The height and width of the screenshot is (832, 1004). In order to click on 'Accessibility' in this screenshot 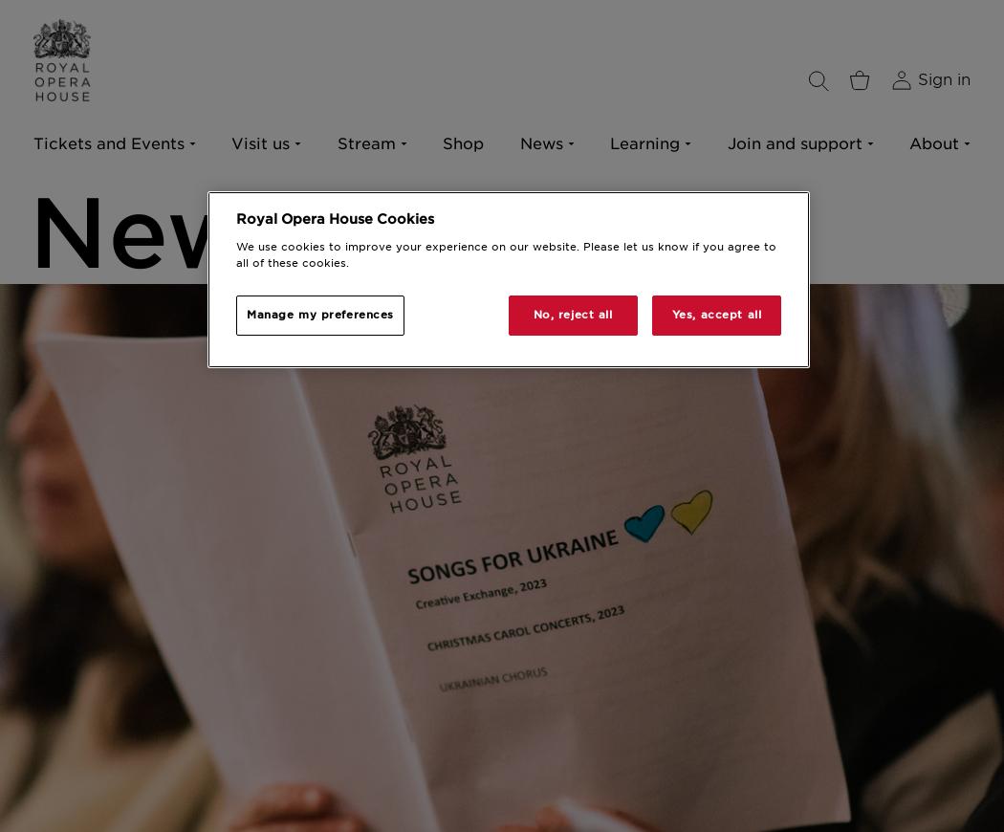, I will do `click(84, 257)`.